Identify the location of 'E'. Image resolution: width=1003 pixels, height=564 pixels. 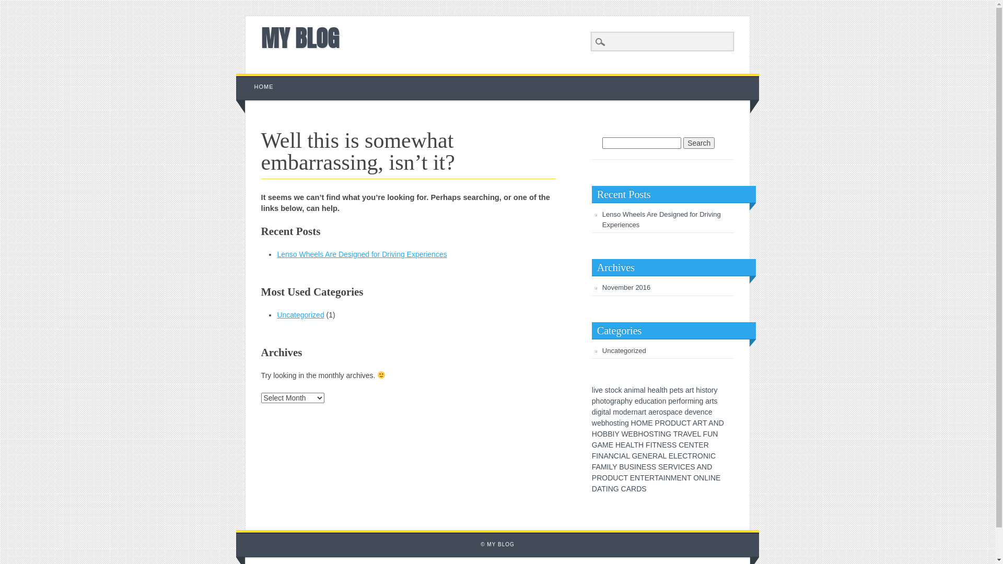
(687, 466).